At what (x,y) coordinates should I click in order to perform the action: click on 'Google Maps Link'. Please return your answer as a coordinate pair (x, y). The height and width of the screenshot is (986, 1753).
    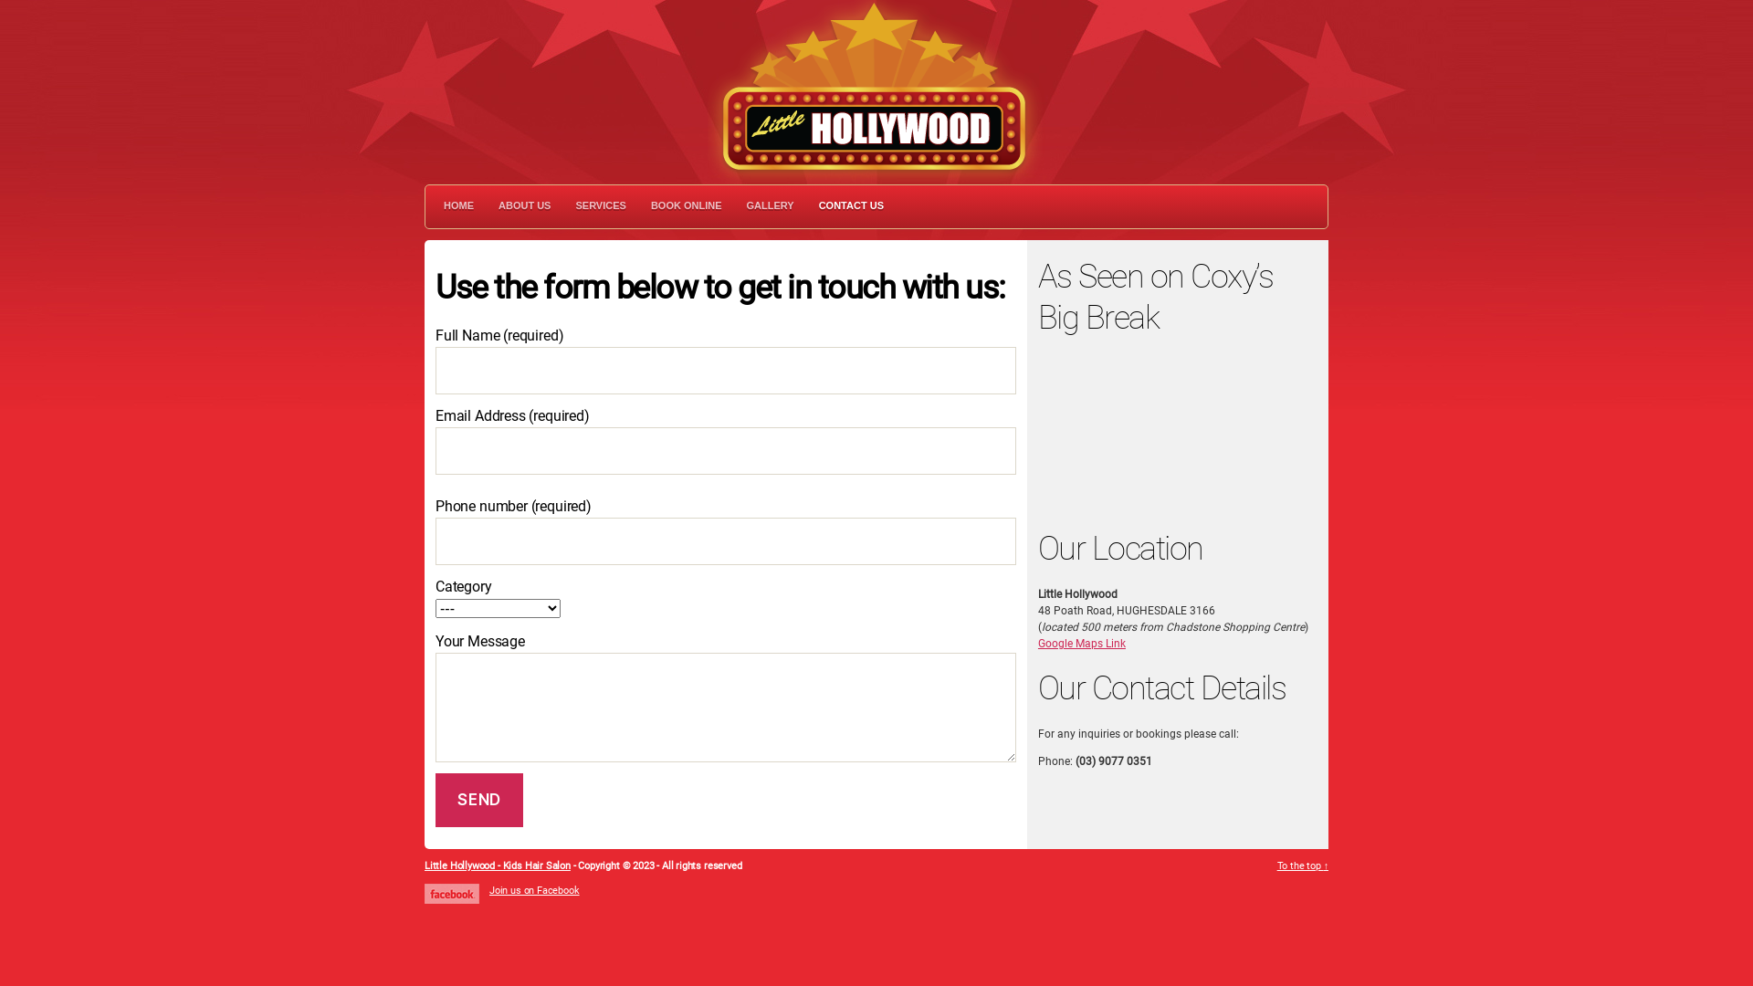
    Looking at the image, I should click on (1082, 643).